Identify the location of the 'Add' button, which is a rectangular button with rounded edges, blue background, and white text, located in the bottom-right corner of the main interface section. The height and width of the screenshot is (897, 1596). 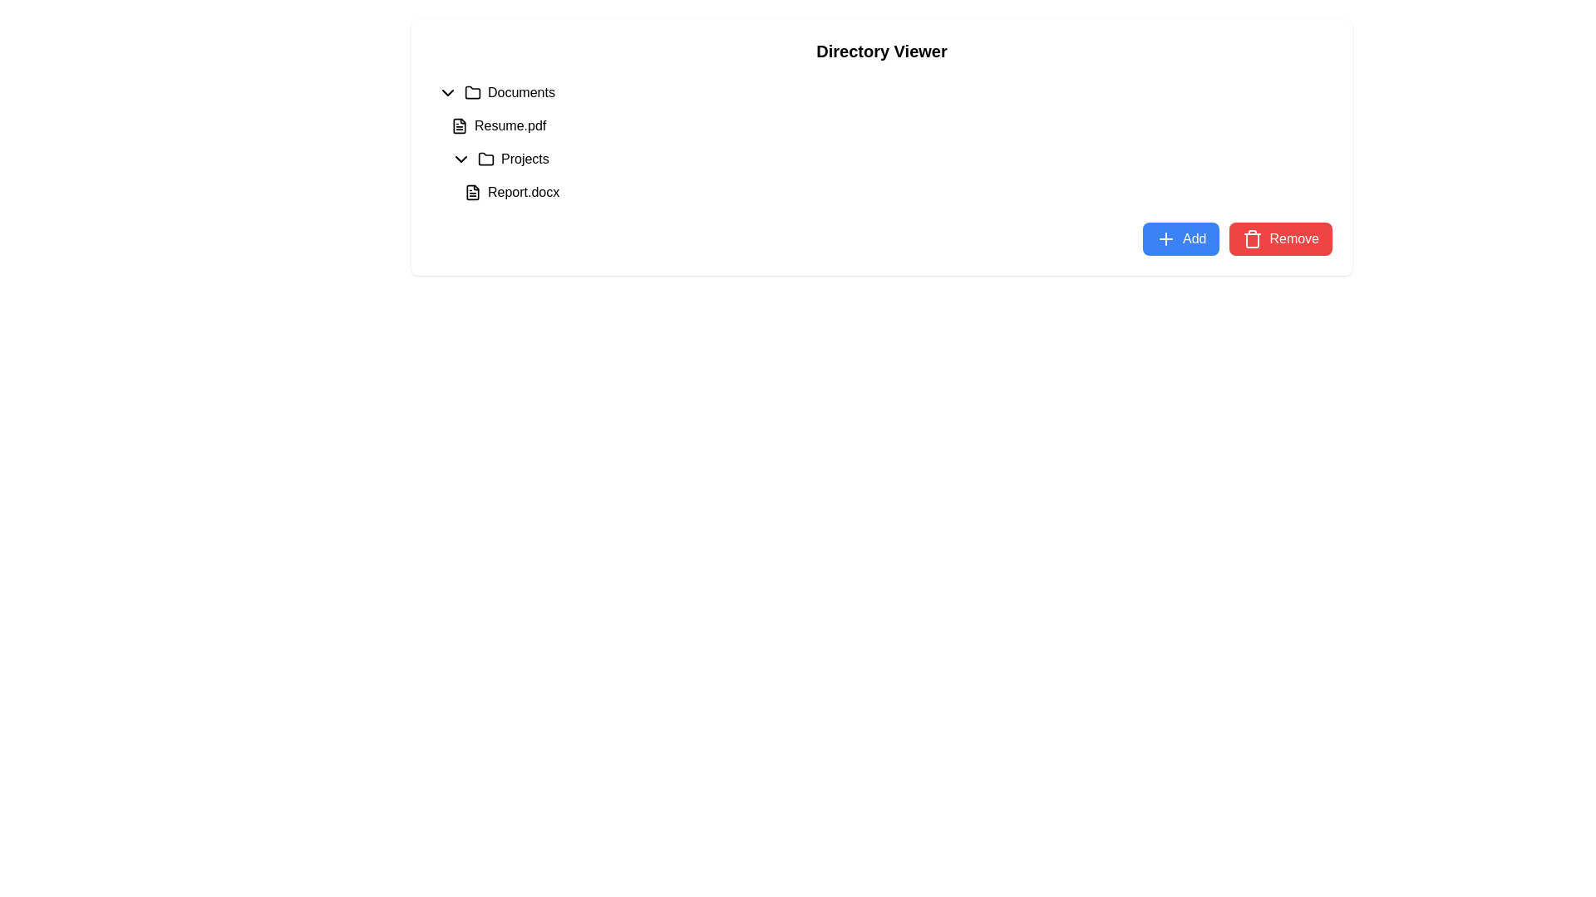
(1180, 239).